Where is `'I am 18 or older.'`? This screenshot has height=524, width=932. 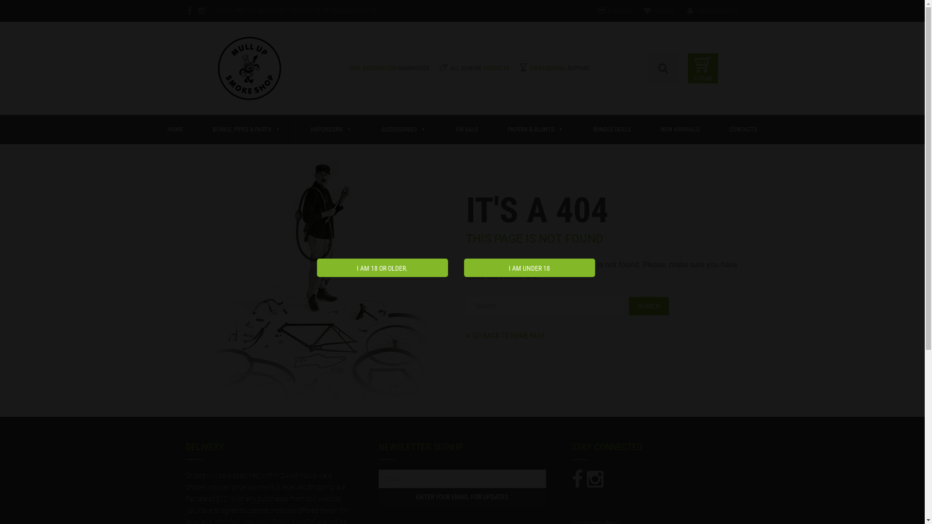
'I am 18 or older.' is located at coordinates (316, 267).